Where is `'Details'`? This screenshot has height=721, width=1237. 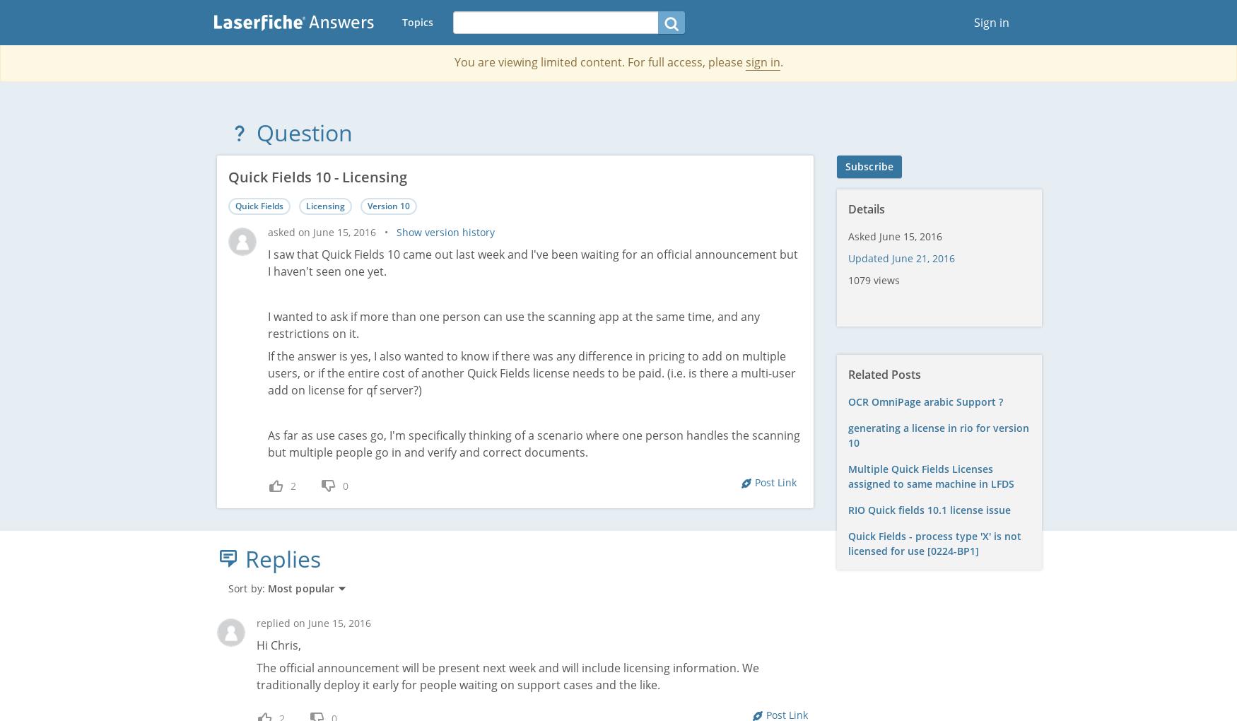 'Details' is located at coordinates (867, 209).